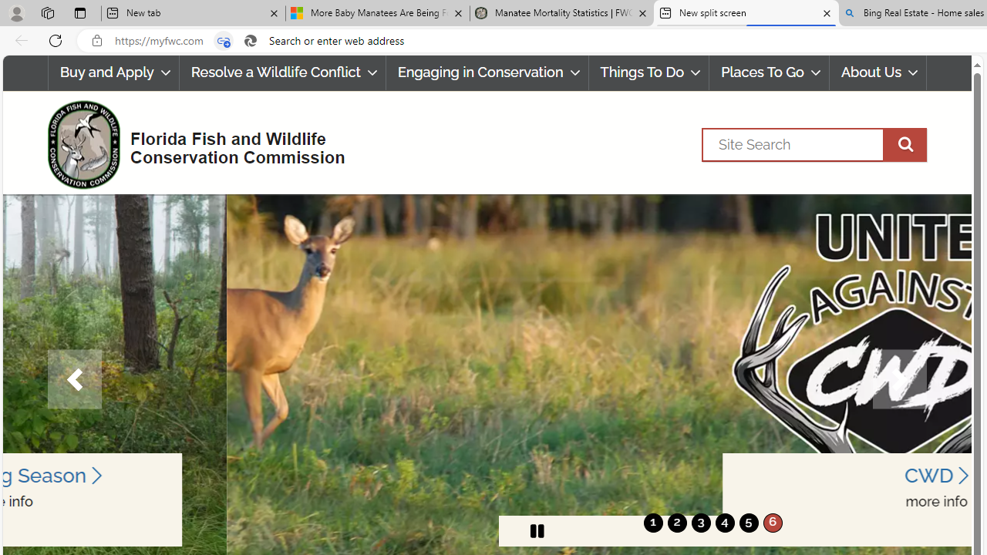 The image size is (987, 555). Describe the element at coordinates (251, 40) in the screenshot. I see `'Search icon'` at that location.